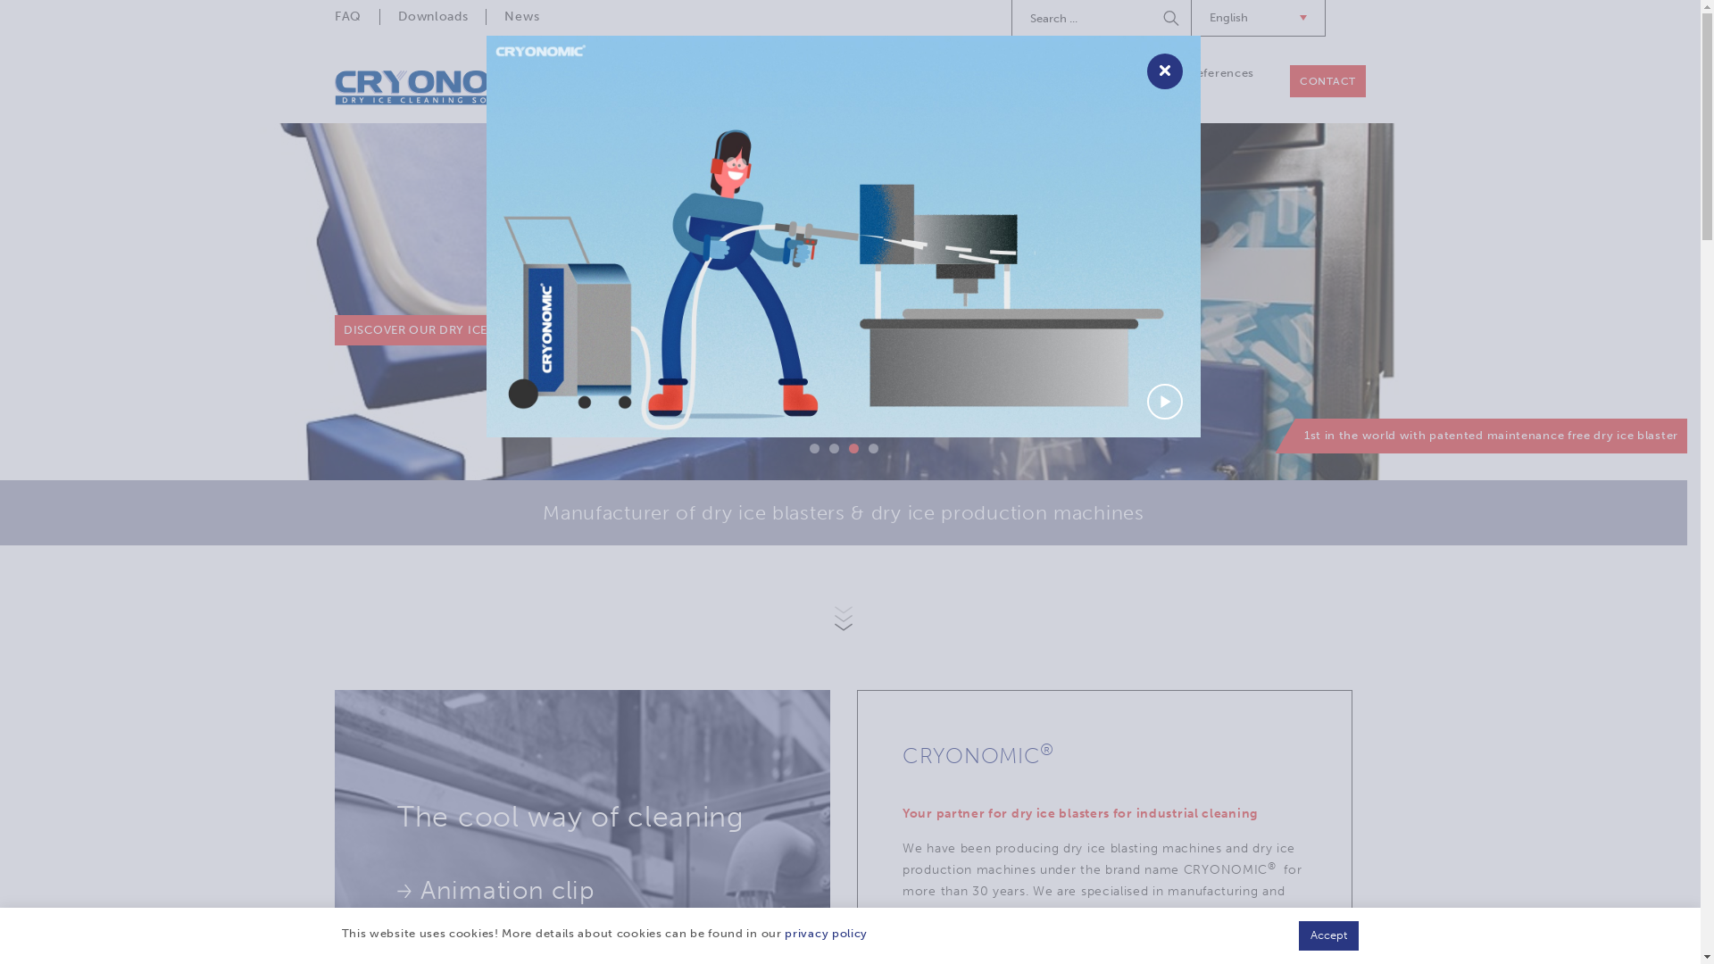  What do you see at coordinates (450, 330) in the screenshot?
I see `'DISCOVER OUR DRY ICE PRODUCTS'` at bounding box center [450, 330].